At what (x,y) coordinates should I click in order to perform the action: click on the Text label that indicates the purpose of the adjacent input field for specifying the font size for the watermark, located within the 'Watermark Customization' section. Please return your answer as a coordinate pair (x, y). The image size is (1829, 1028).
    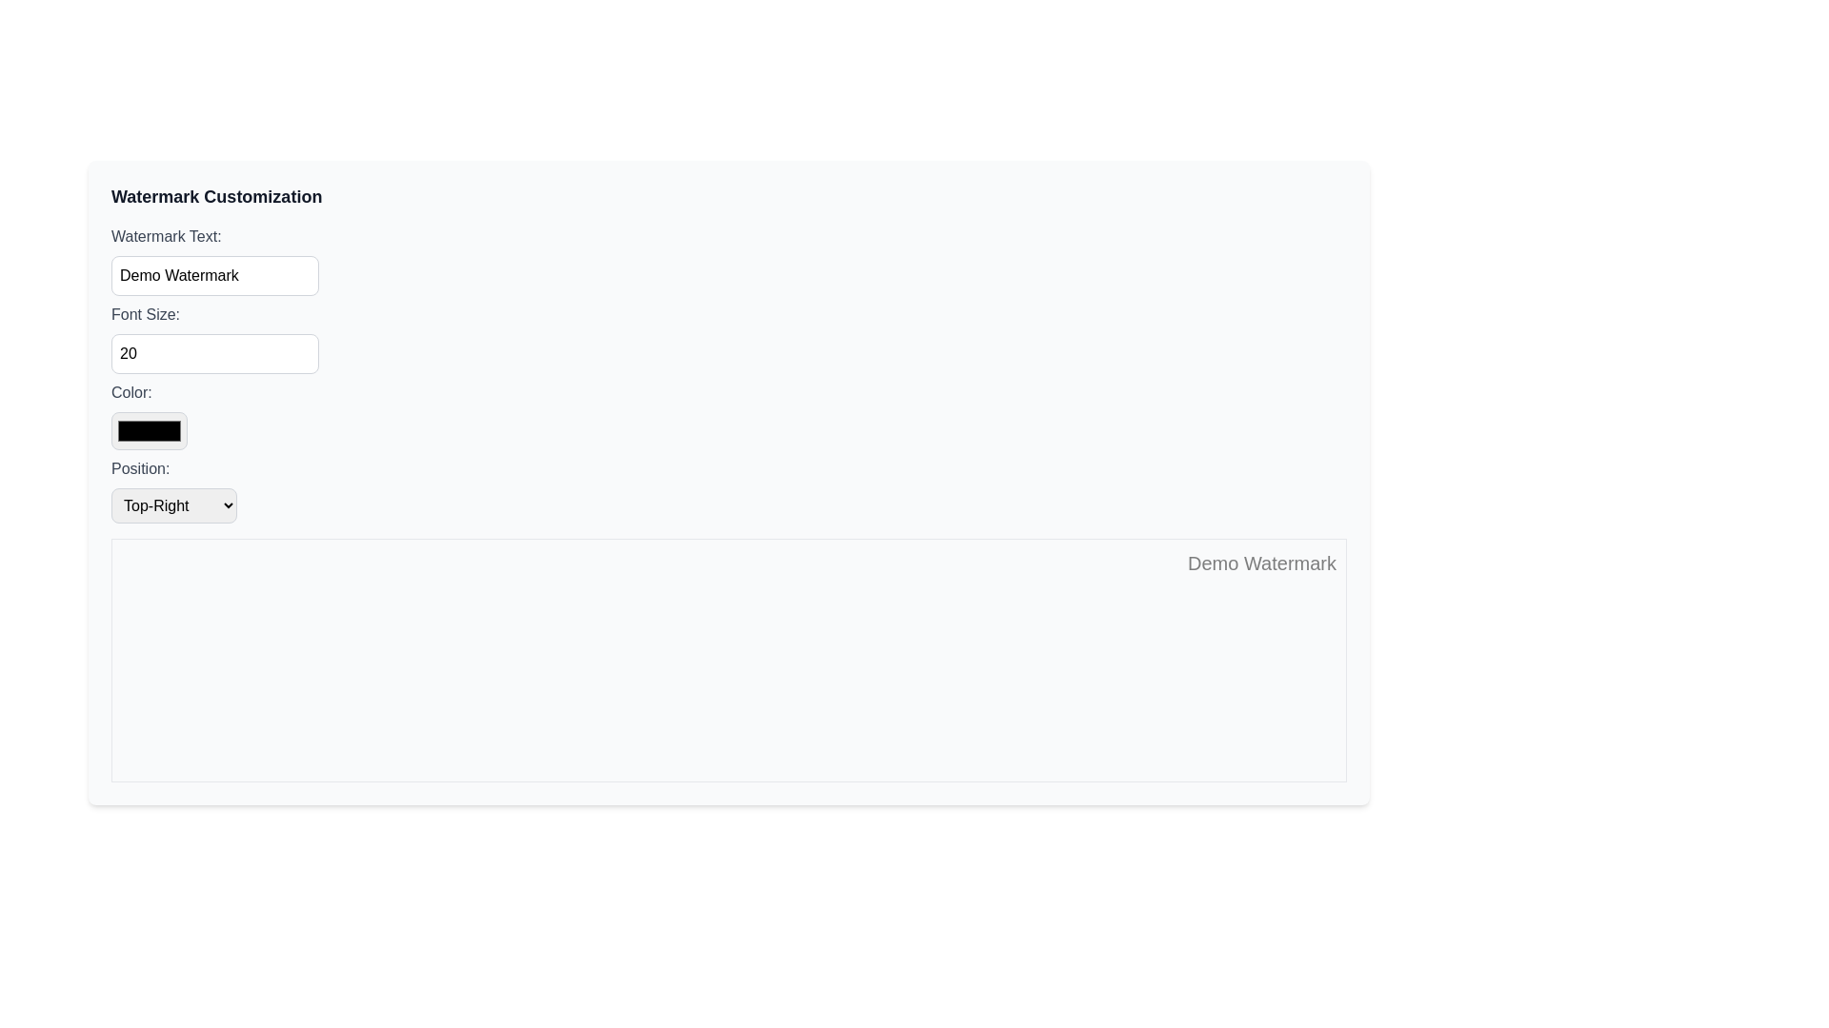
    Looking at the image, I should click on (145, 314).